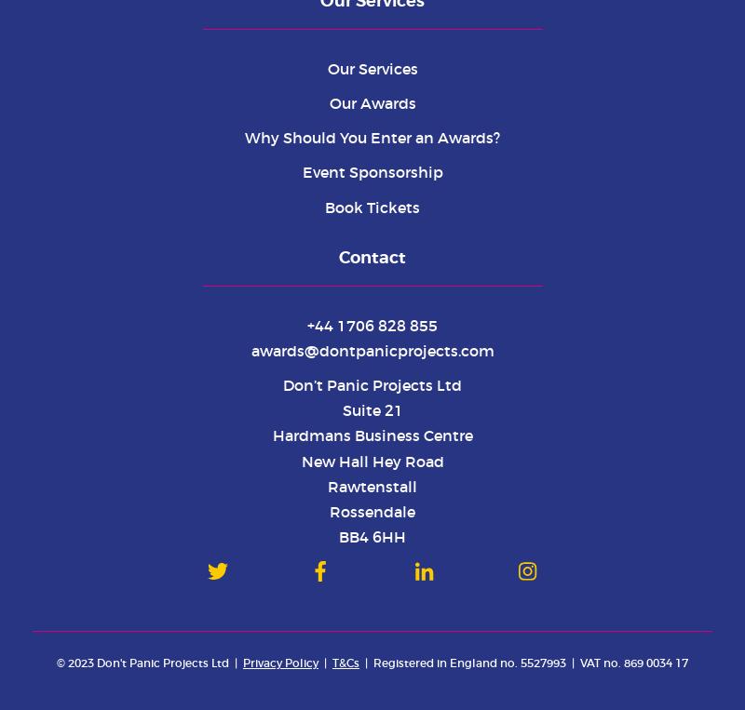  I want to click on 'BB4 6HH', so click(339, 535).